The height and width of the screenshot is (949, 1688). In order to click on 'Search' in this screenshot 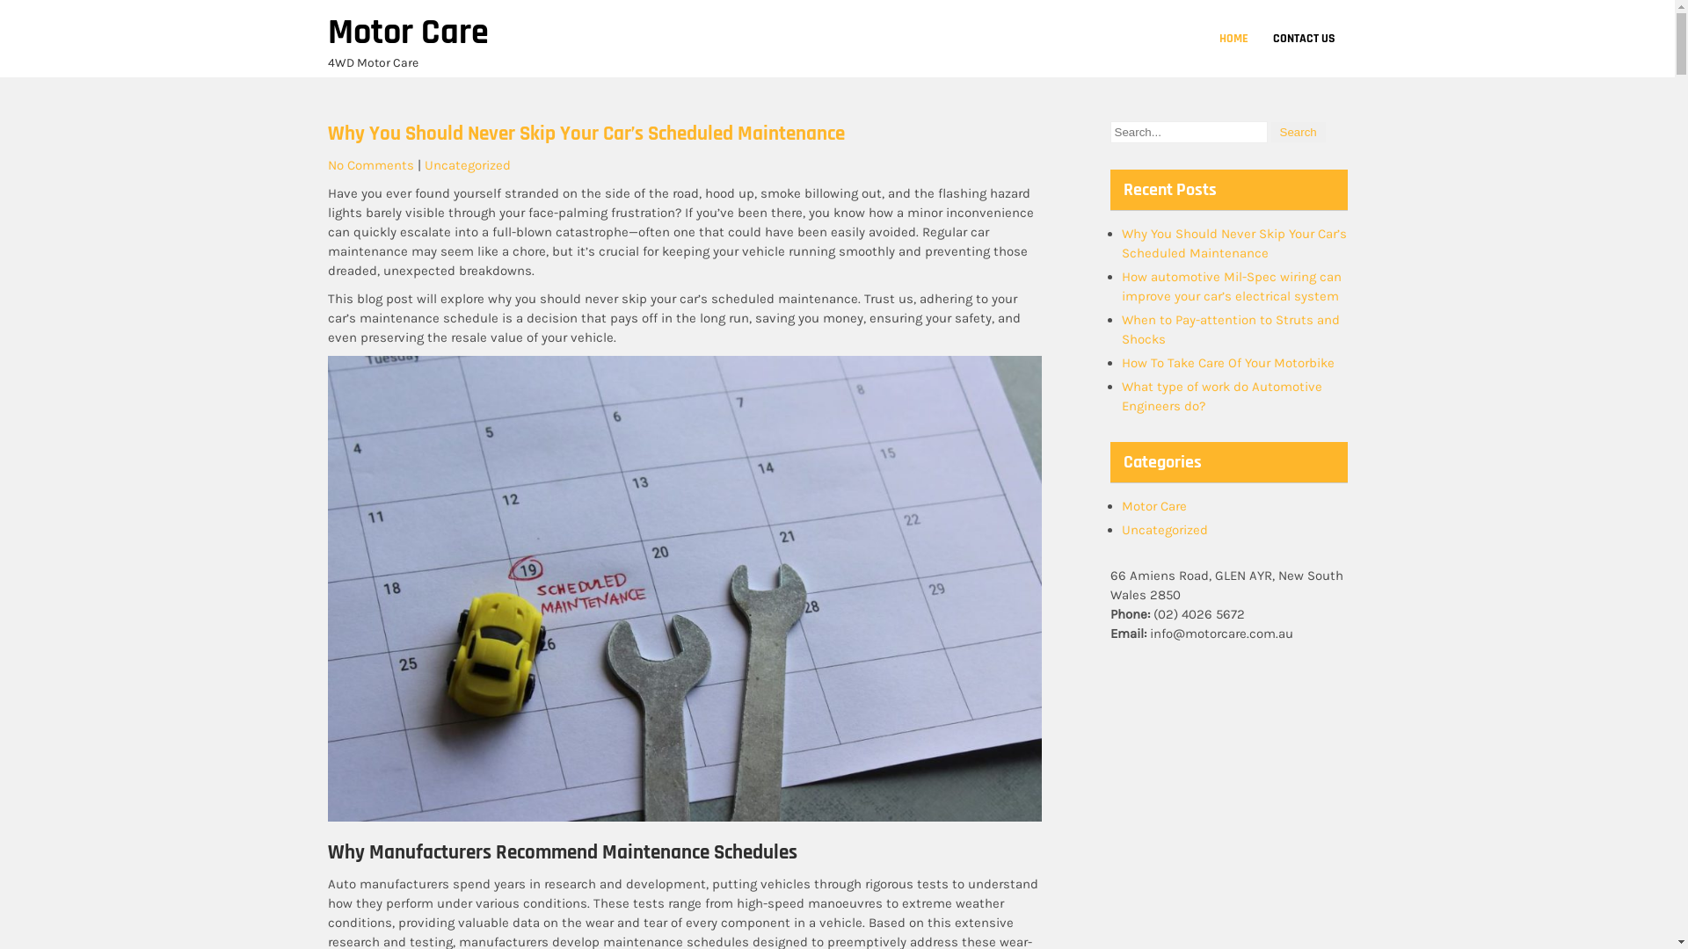, I will do `click(1299, 131)`.